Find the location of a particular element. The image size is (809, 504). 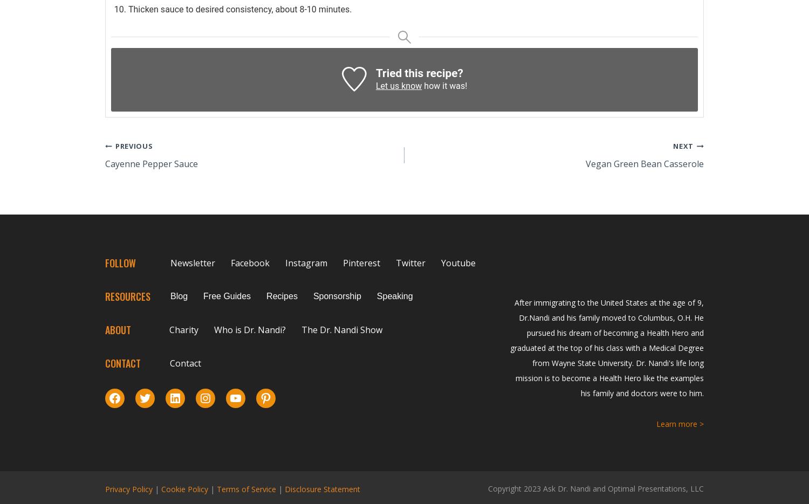

'Let us know' is located at coordinates (398, 86).